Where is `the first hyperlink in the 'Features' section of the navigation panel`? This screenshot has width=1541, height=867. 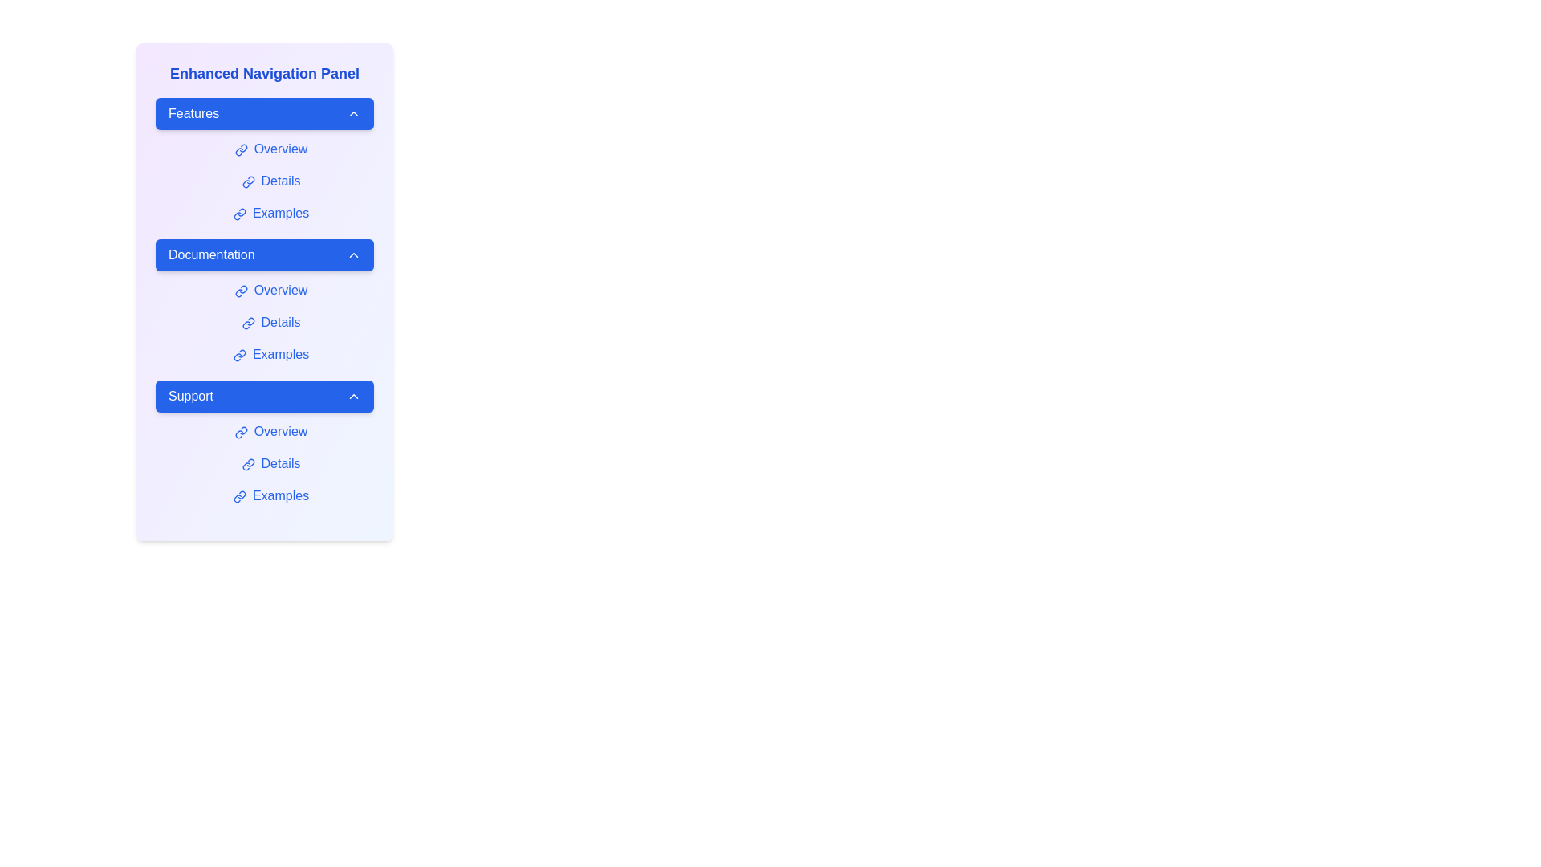 the first hyperlink in the 'Features' section of the navigation panel is located at coordinates (270, 149).